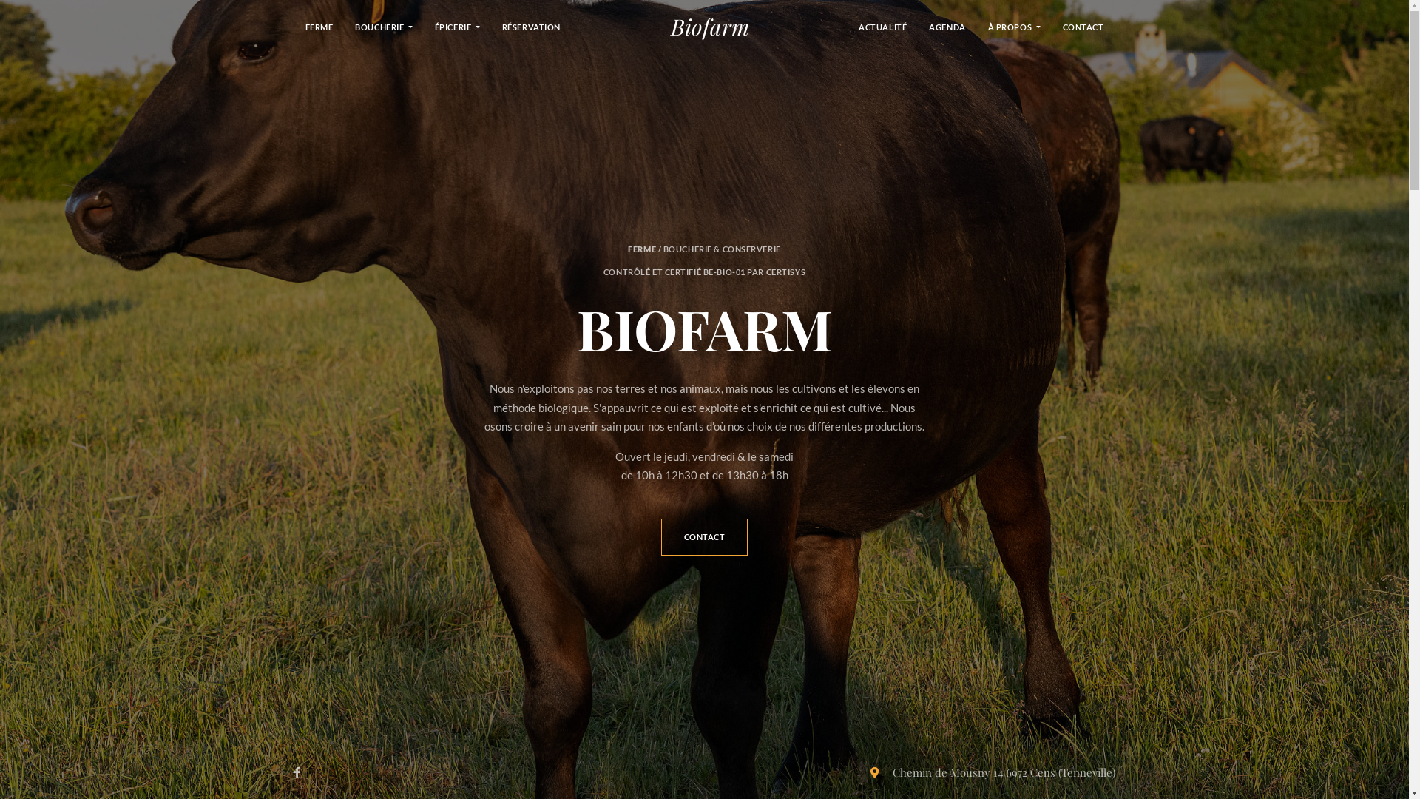 The image size is (1420, 799). I want to click on 'CONTACT', so click(704, 536).